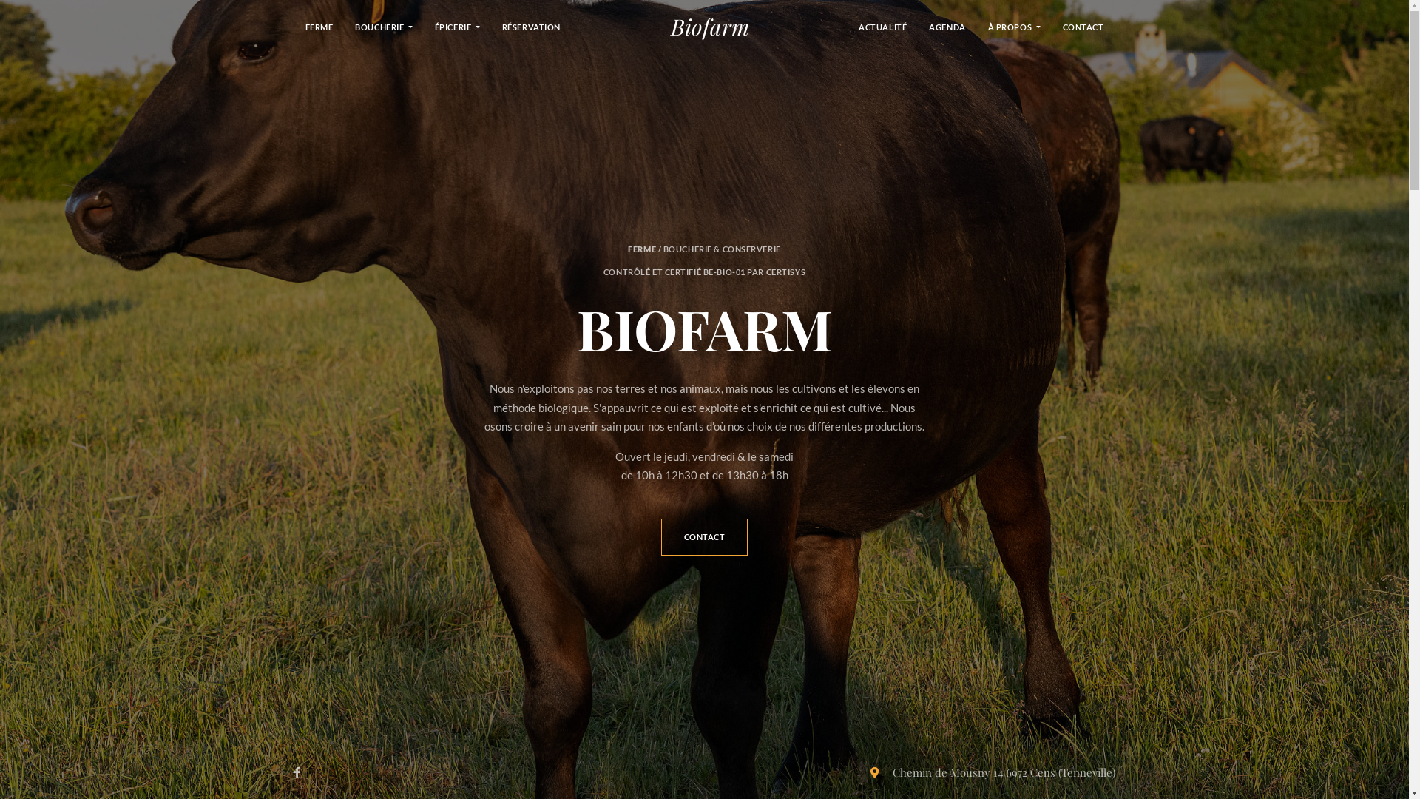 The image size is (1420, 799). I want to click on 'CONTACT', so click(704, 536).